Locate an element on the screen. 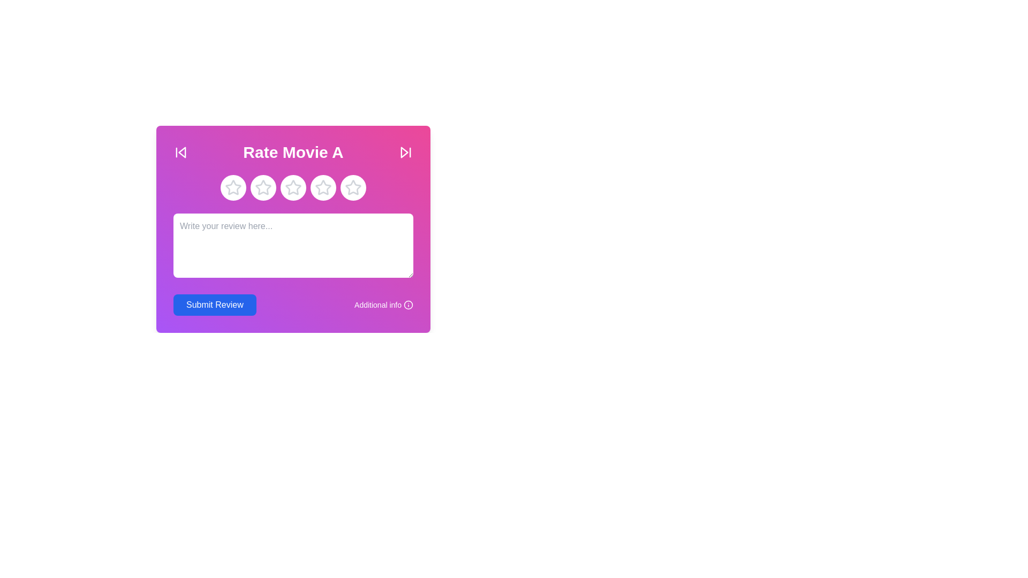 The width and height of the screenshot is (1028, 578). the forward navigation symbol represented by the left triangle of the double triangle shape in the upper-right region of the modal is located at coordinates (404, 153).